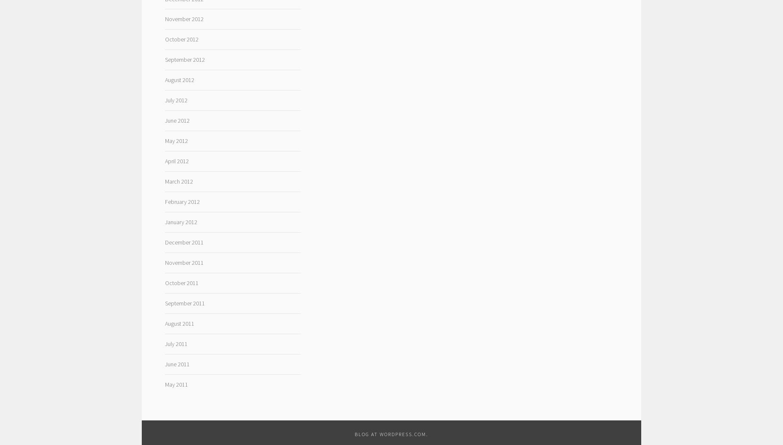 Image resolution: width=783 pixels, height=445 pixels. Describe the element at coordinates (176, 140) in the screenshot. I see `'May 2012'` at that location.